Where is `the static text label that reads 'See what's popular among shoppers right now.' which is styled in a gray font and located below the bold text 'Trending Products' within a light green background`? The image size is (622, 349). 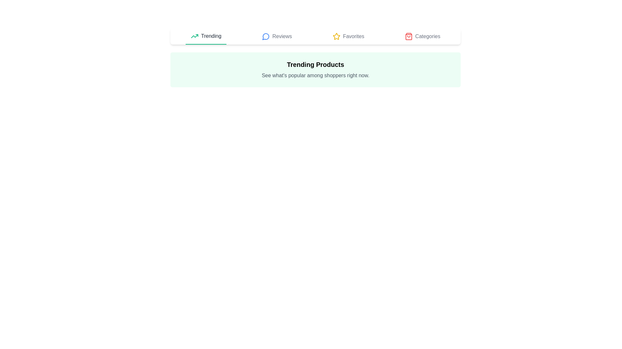
the static text label that reads 'See what's popular among shoppers right now.' which is styled in a gray font and located below the bold text 'Trending Products' within a light green background is located at coordinates (316, 75).